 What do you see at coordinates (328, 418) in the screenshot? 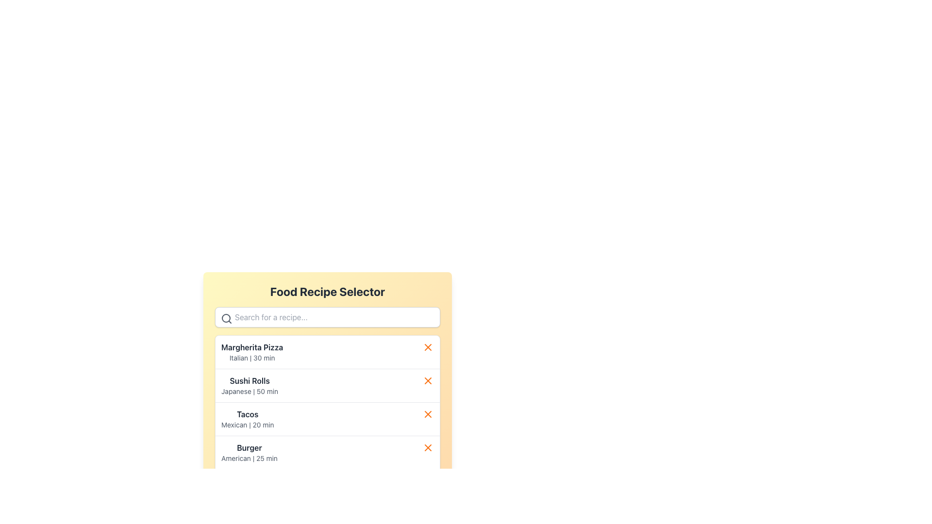
I see `the third list item displaying 'Tacos'` at bounding box center [328, 418].